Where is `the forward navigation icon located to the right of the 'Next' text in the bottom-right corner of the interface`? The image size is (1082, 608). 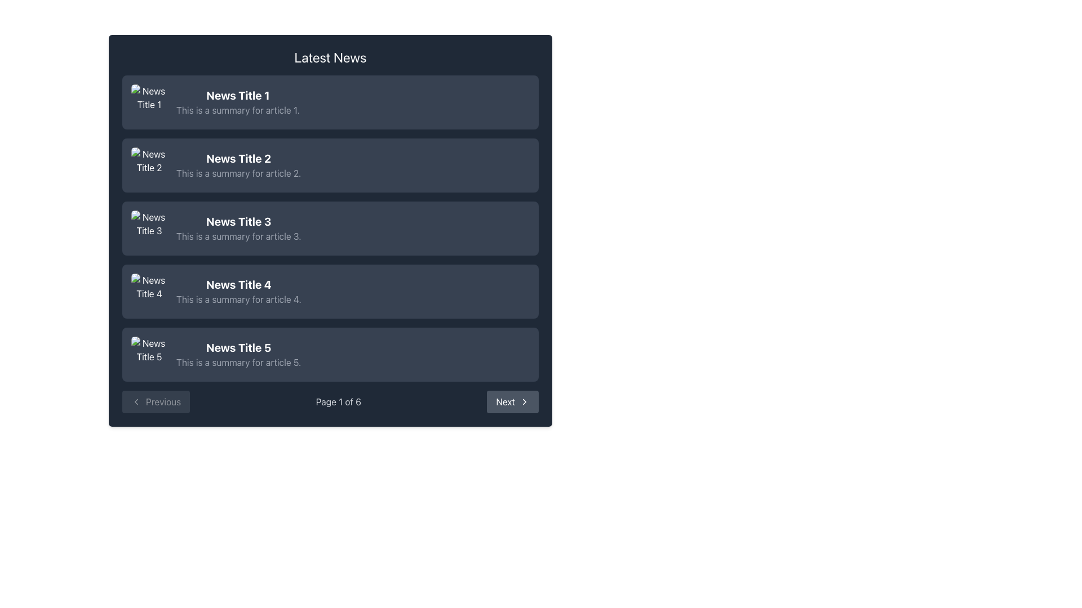 the forward navigation icon located to the right of the 'Next' text in the bottom-right corner of the interface is located at coordinates (524, 401).